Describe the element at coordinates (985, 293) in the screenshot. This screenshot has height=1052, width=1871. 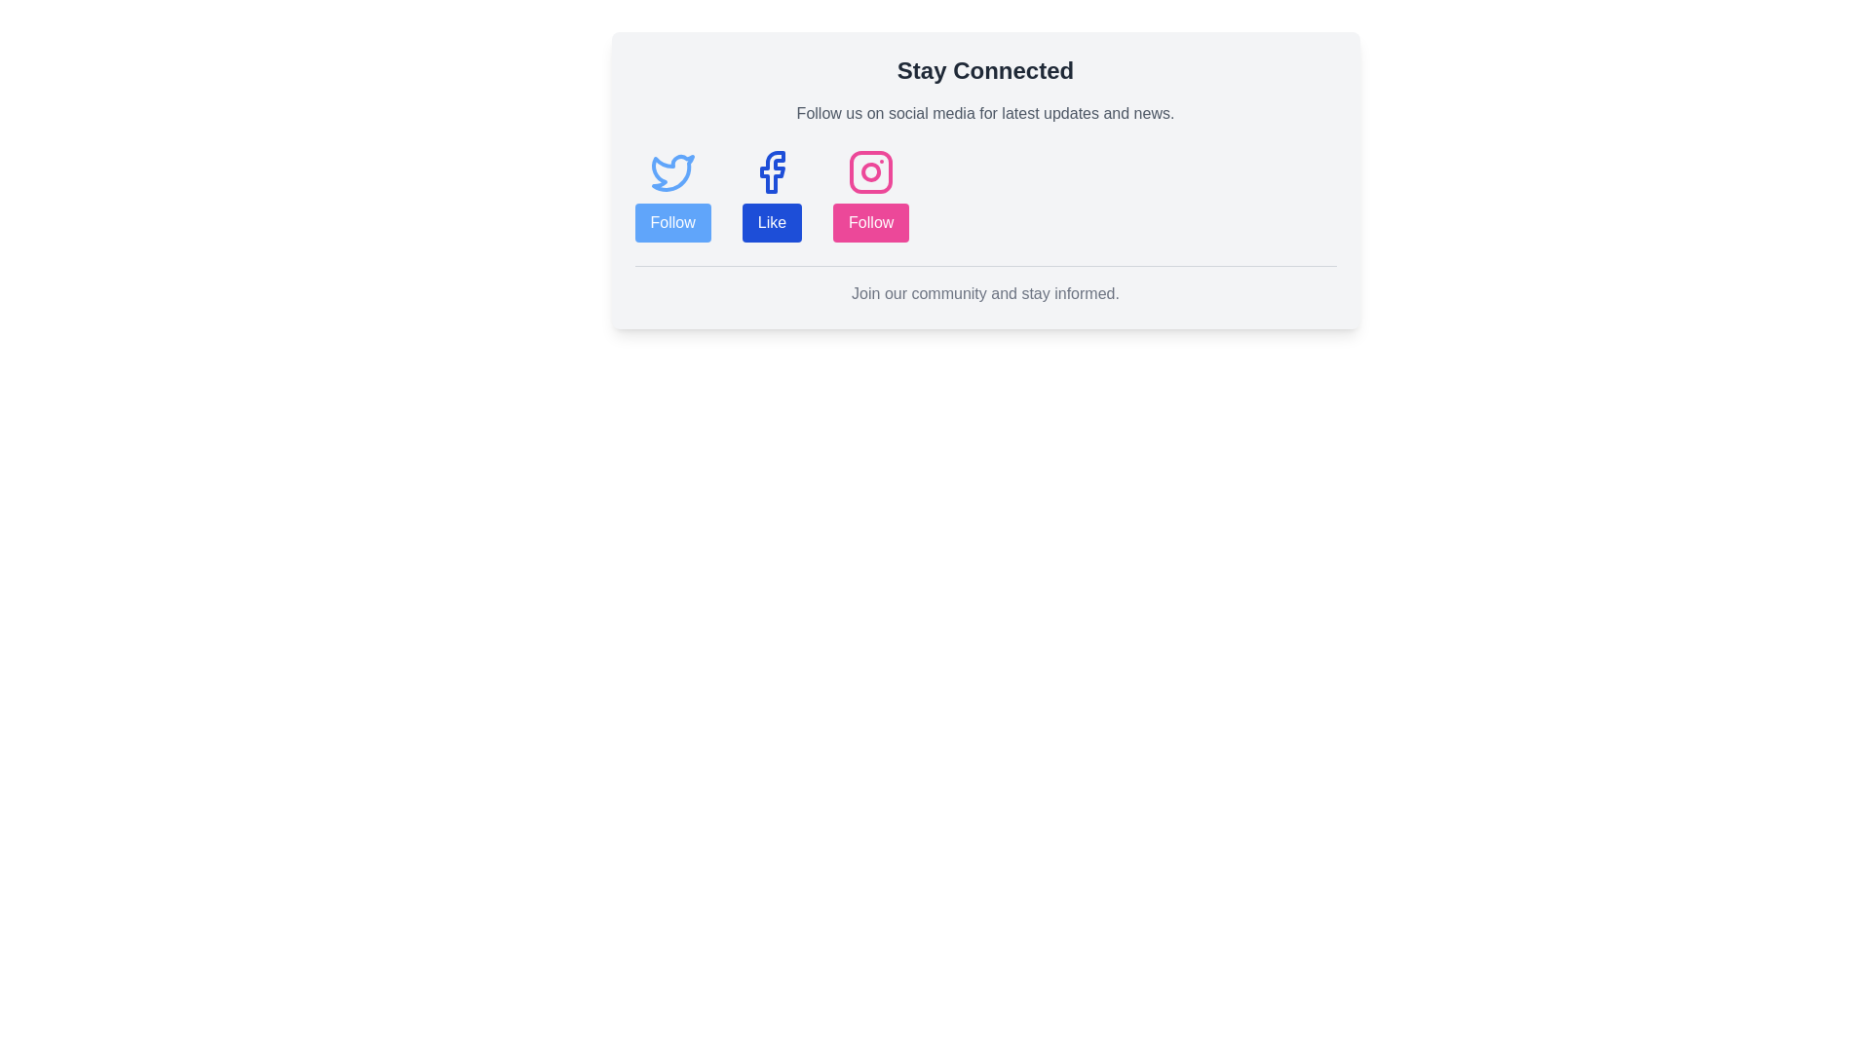
I see `the text component displaying the message 'Join our community and stay informed.' located at the bottom of the 'Stay Connected' section` at that location.